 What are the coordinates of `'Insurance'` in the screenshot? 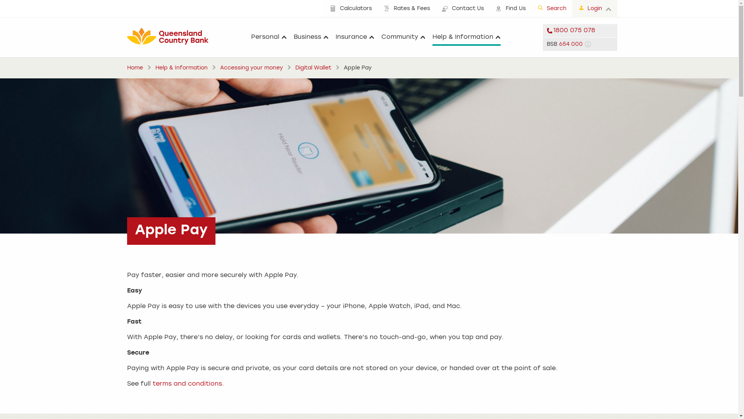 It's located at (355, 37).